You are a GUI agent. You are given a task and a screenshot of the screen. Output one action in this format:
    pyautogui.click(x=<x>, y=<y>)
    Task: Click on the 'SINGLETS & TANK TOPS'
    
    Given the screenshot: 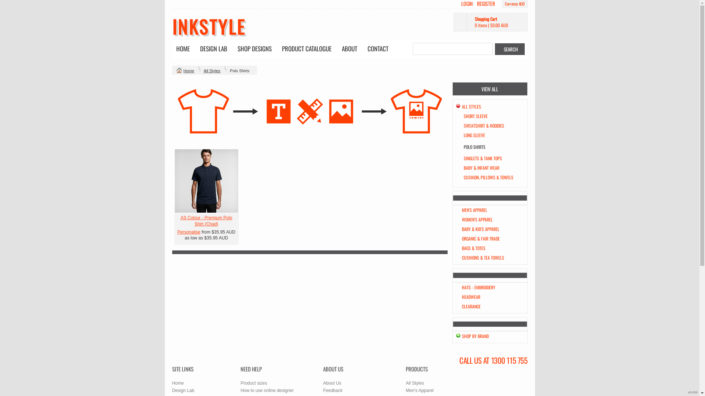 What is the action you would take?
    pyautogui.click(x=482, y=158)
    